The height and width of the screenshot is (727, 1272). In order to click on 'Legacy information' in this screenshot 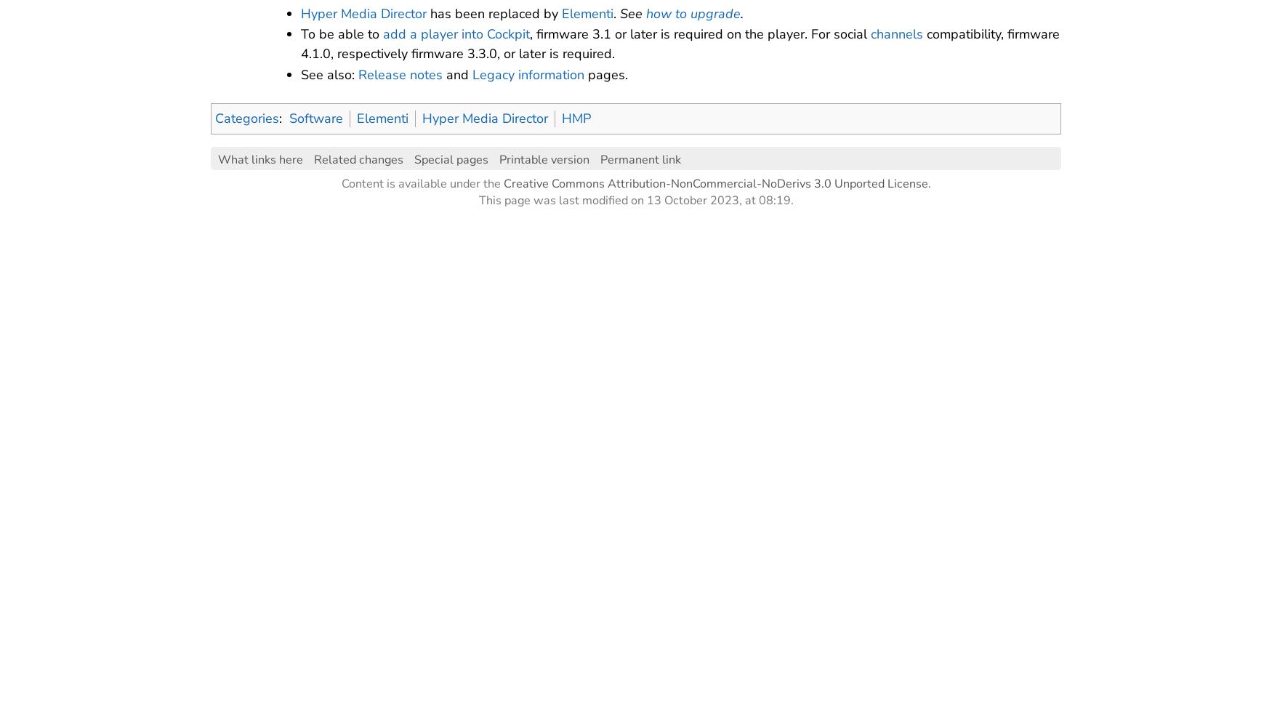, I will do `click(528, 74)`.